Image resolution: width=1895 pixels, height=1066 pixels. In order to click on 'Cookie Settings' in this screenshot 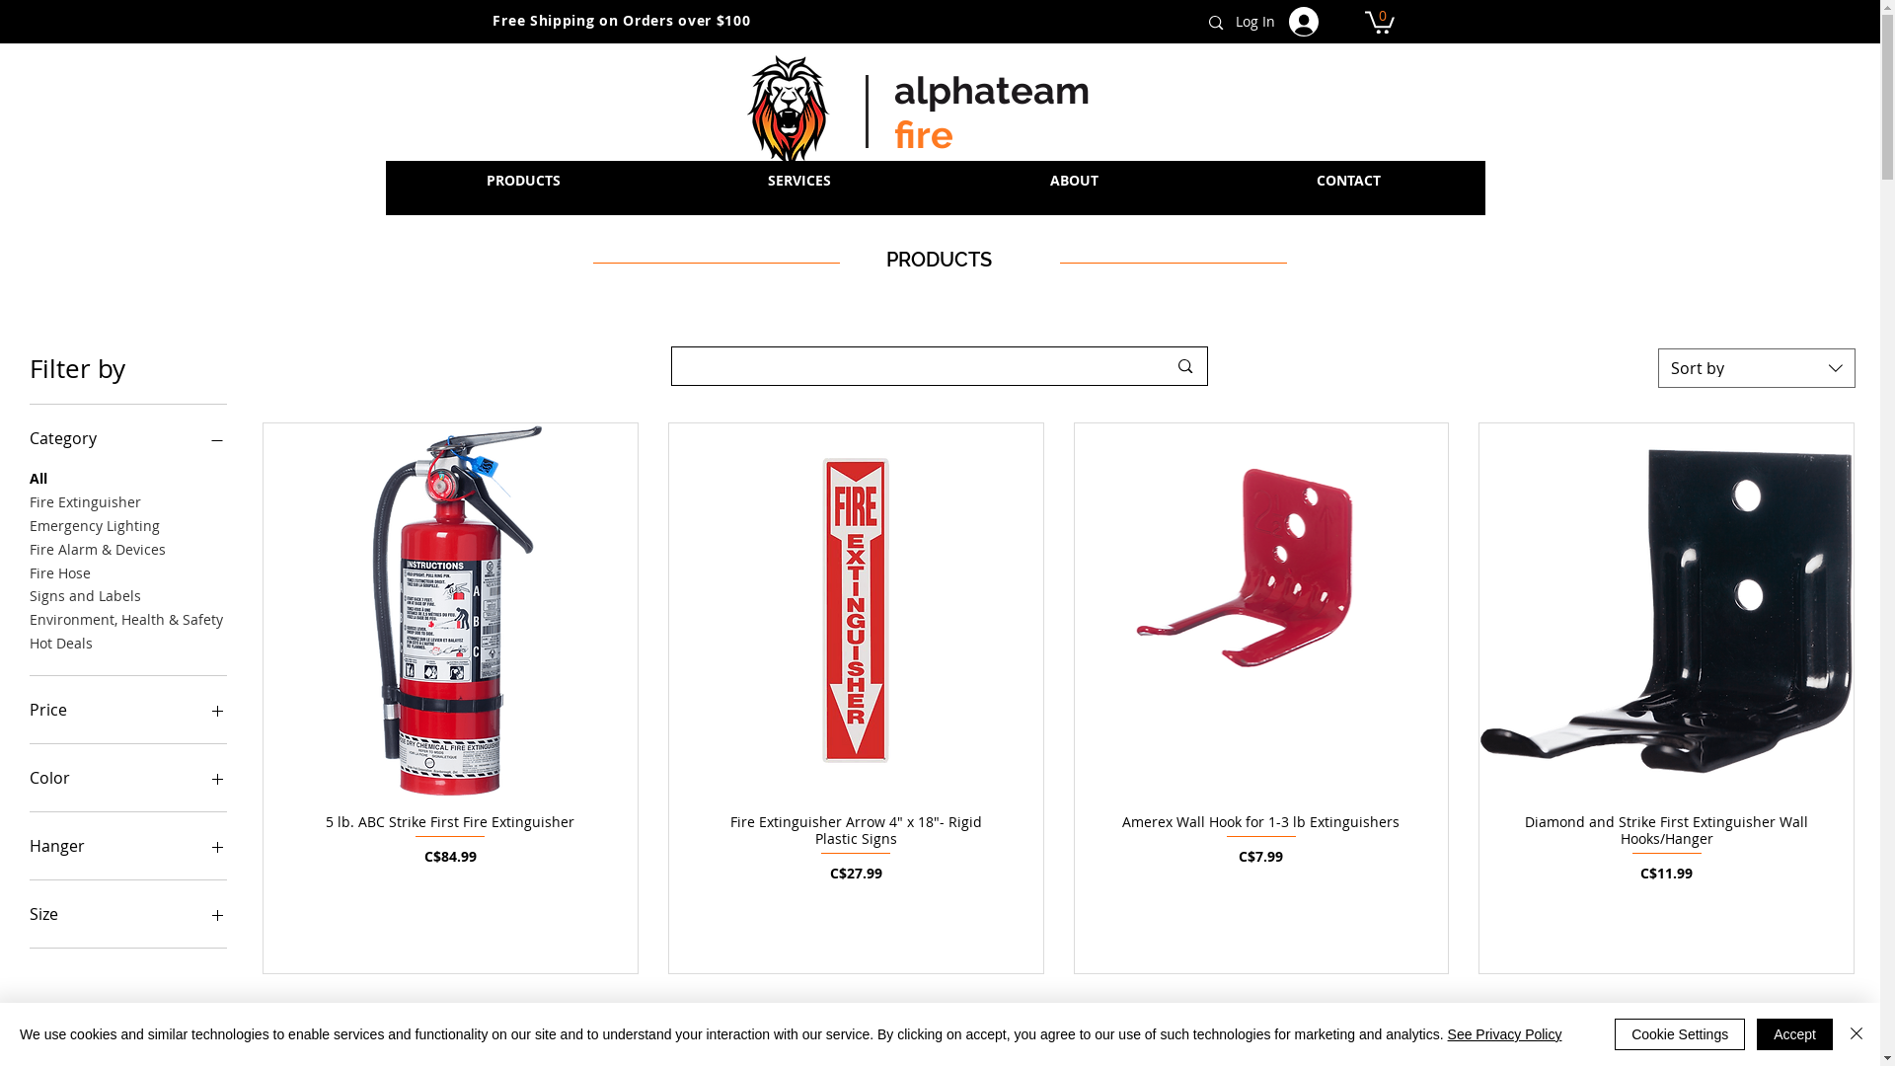, I will do `click(1679, 1033)`.